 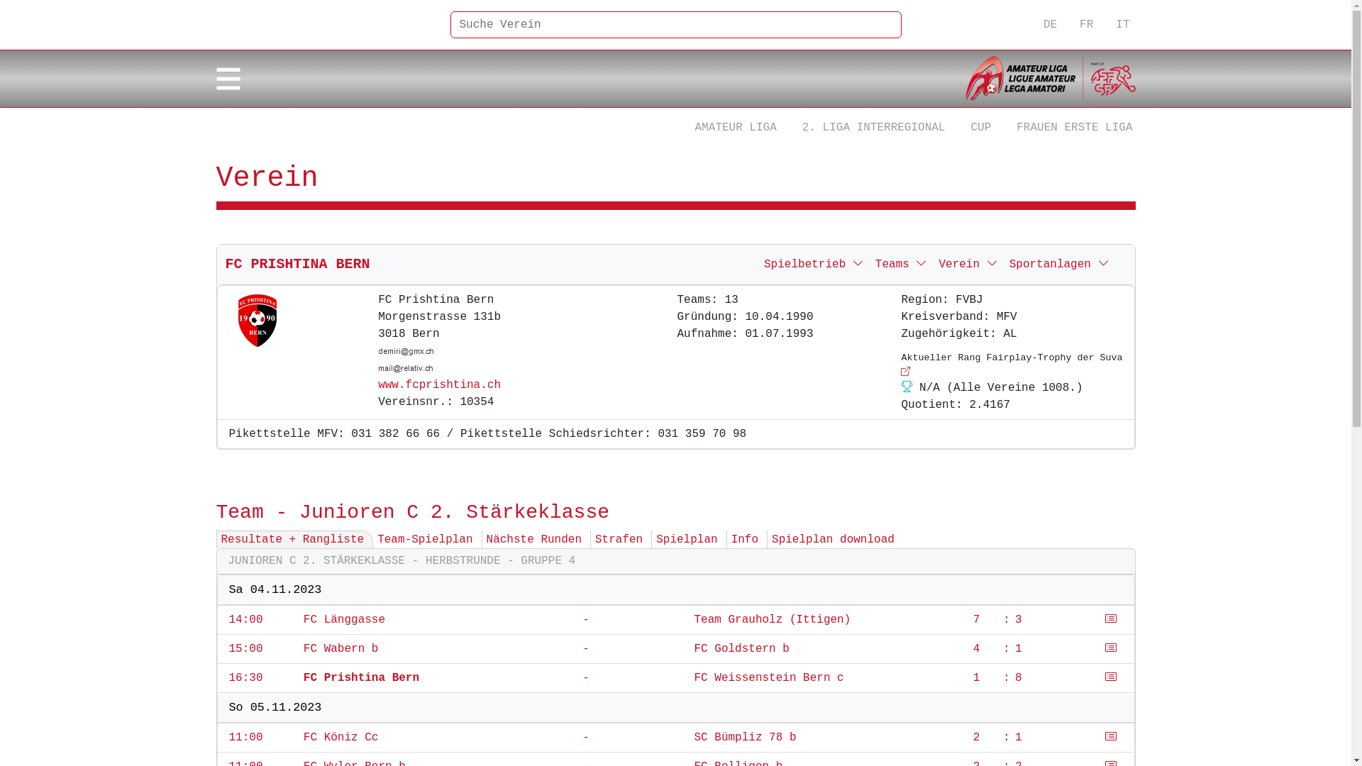 What do you see at coordinates (224, 264) in the screenshot?
I see `'FC PRISHTINA BERN'` at bounding box center [224, 264].